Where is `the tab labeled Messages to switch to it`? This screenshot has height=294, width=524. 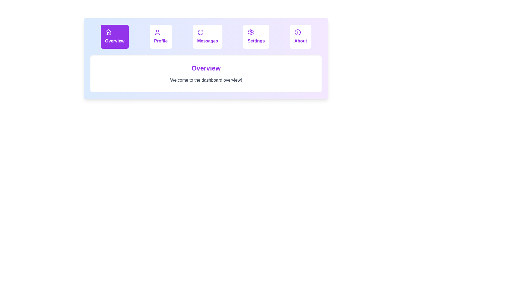
the tab labeled Messages to switch to it is located at coordinates (207, 37).